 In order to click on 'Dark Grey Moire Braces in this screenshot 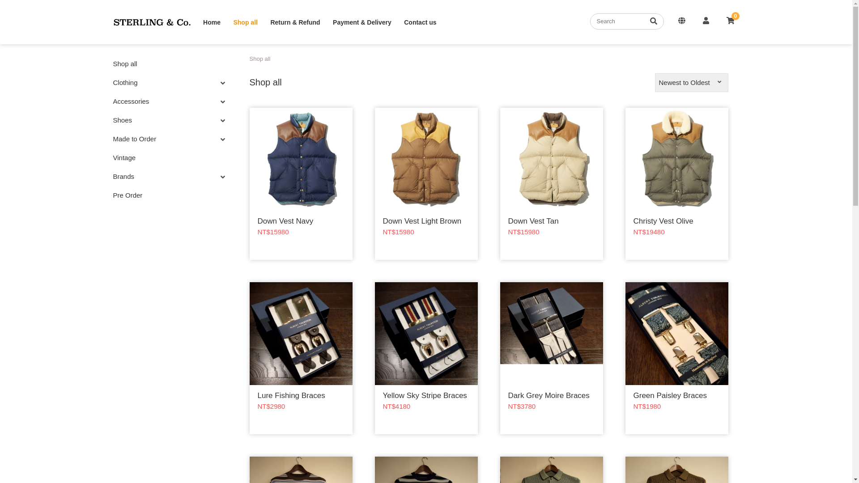, I will do `click(551, 358)`.